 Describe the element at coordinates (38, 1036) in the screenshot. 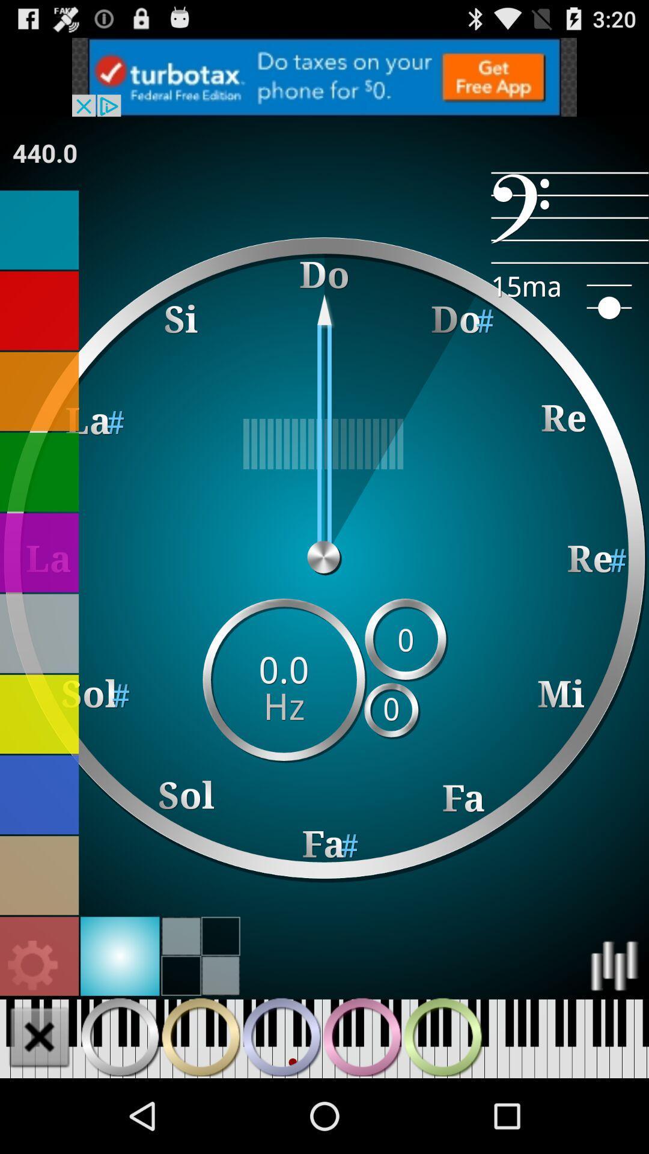

I see `keyboard` at that location.